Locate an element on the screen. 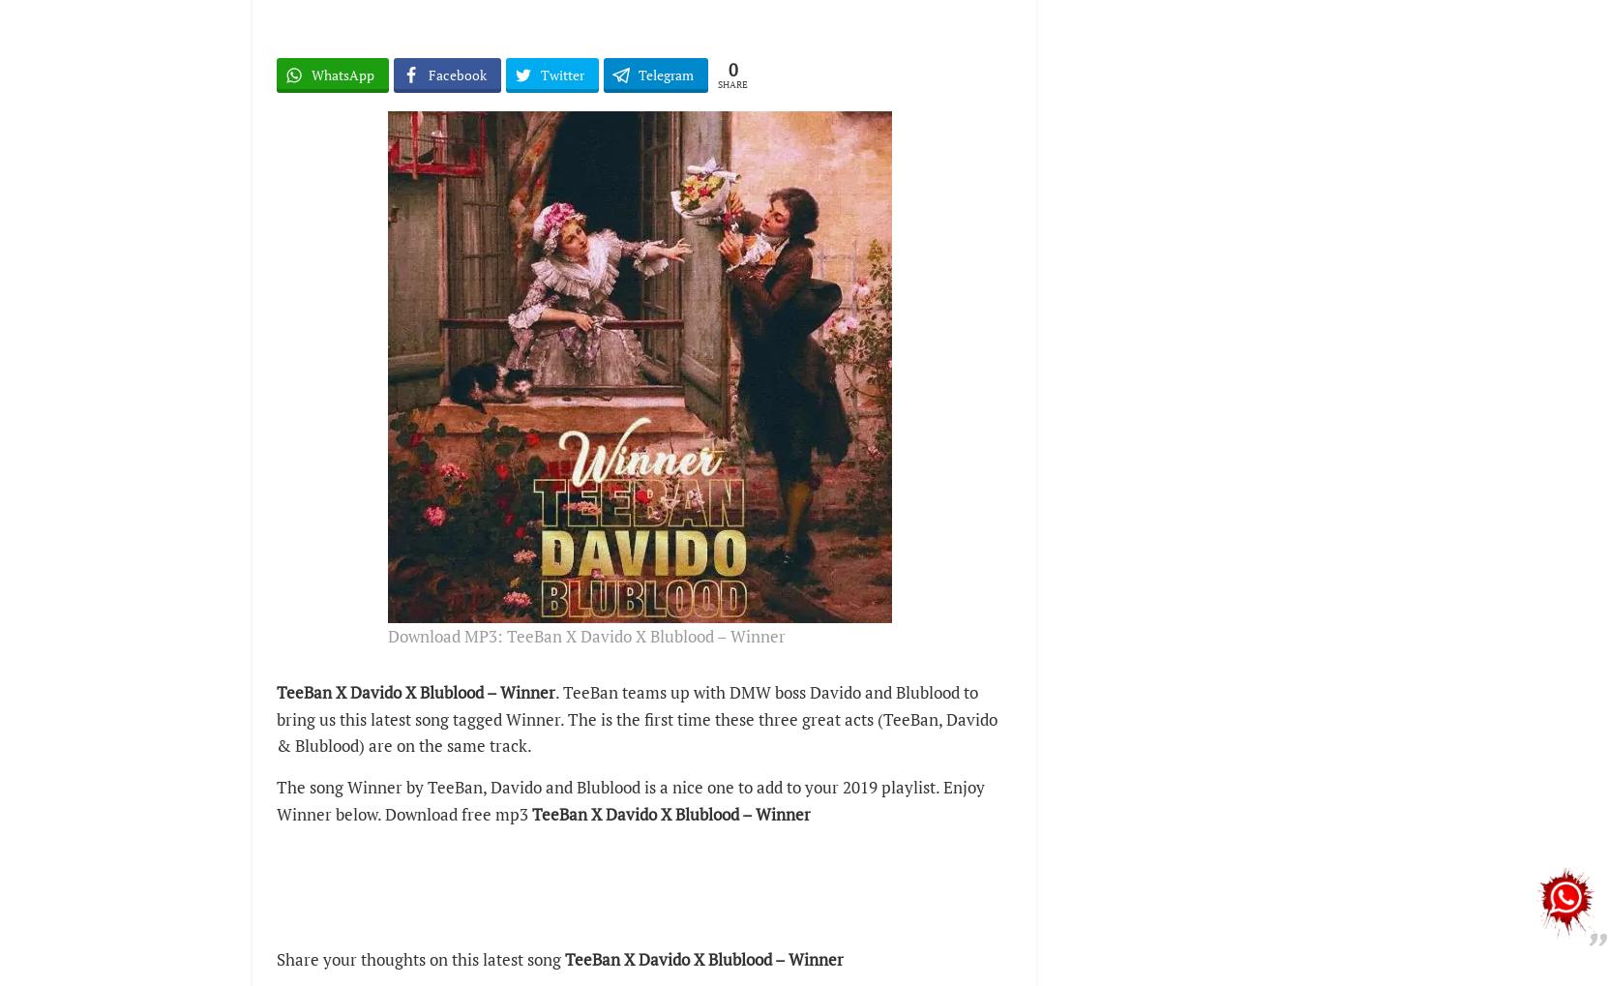  'Telegram' is located at coordinates (665, 75).